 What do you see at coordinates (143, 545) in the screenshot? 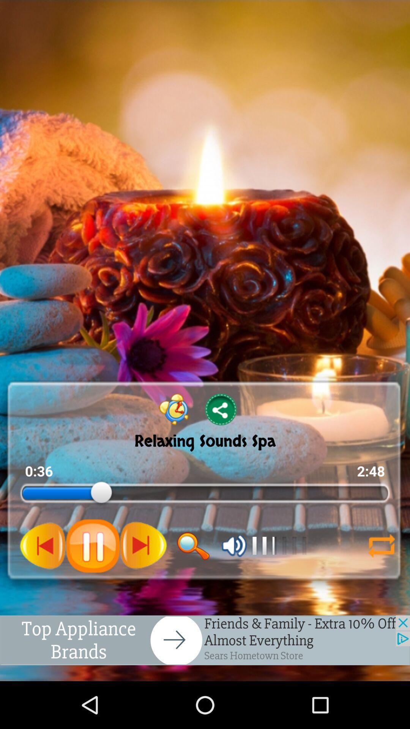
I see `the next button` at bounding box center [143, 545].